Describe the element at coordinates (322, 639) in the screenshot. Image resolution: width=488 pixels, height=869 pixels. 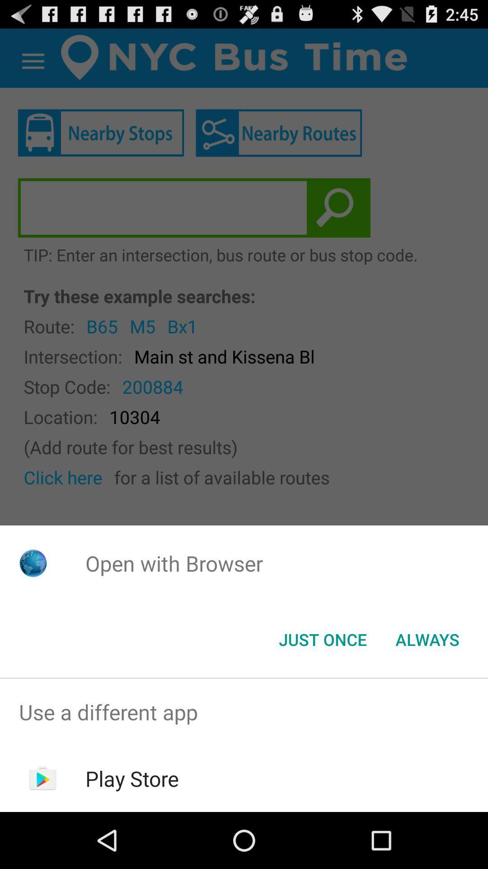
I see `icon next to the always icon` at that location.